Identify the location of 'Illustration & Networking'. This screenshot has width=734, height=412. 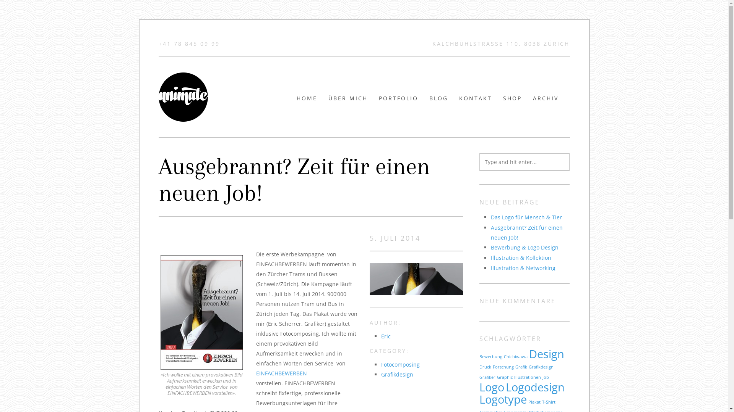
(490, 267).